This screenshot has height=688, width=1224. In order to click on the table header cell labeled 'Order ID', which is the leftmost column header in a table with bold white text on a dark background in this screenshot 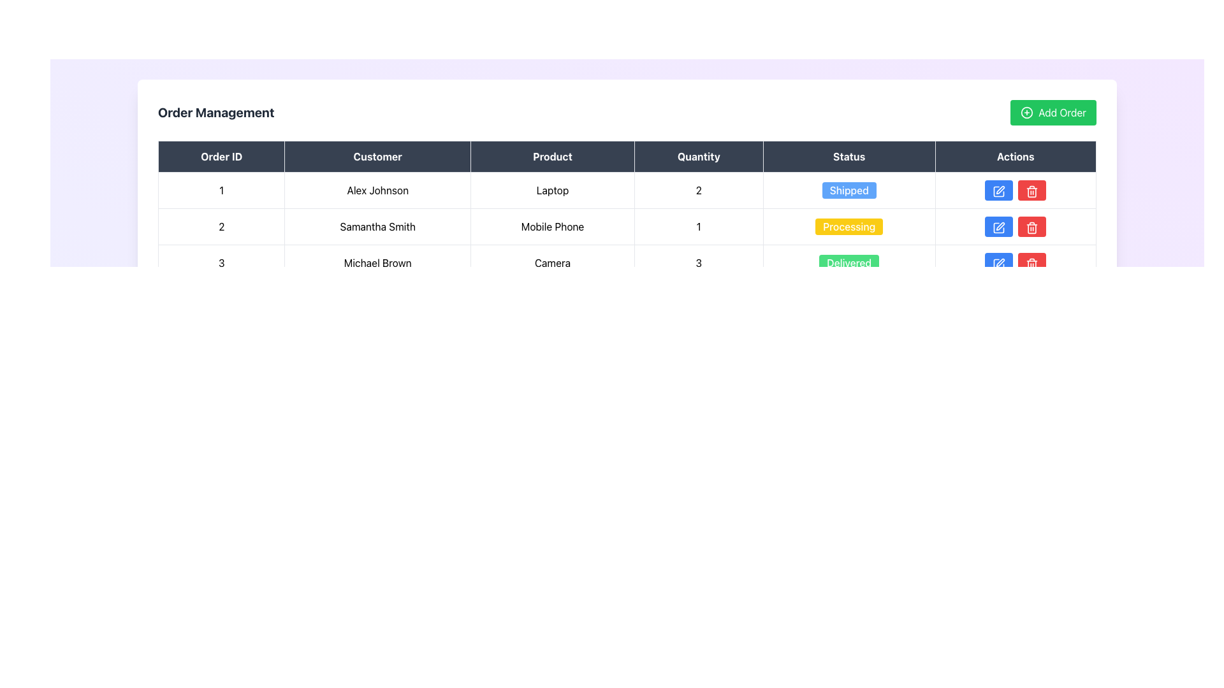, I will do `click(221, 156)`.